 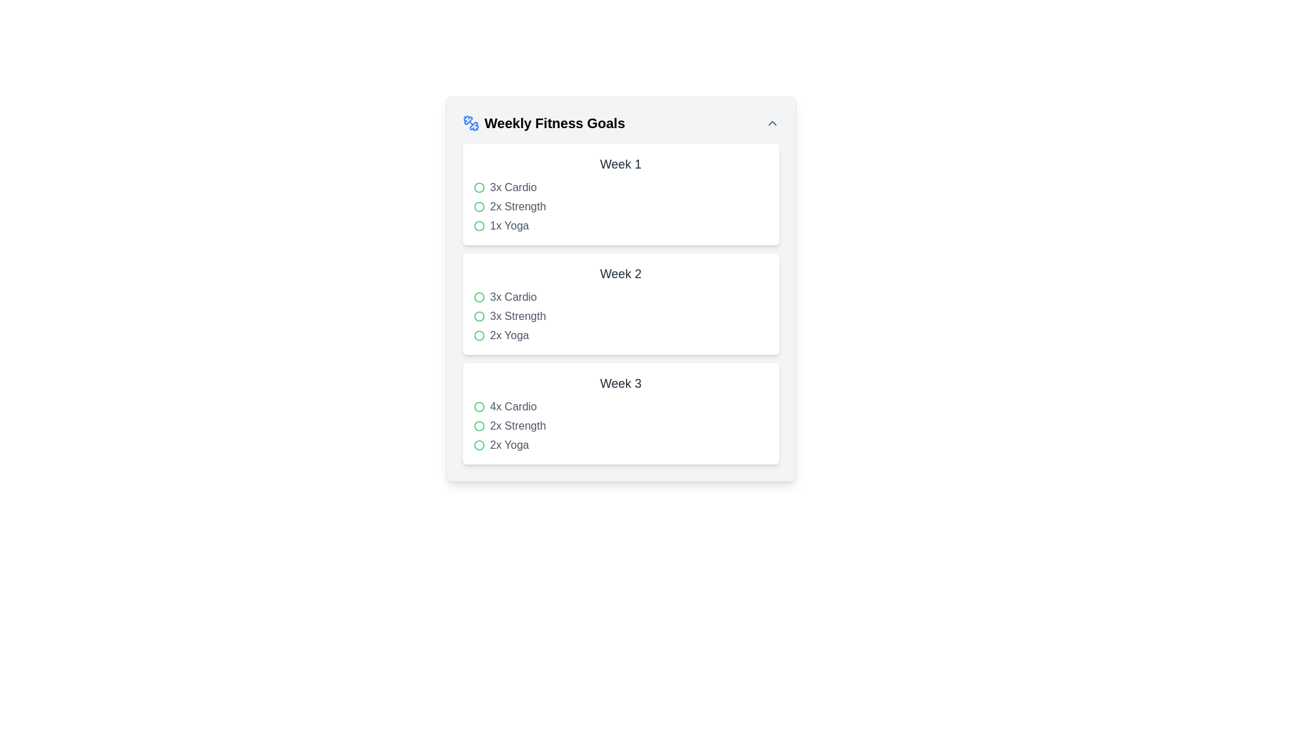 I want to click on the text label displaying '3x Cardio' in gray, which is positioned next to a green circular icon in the 'Weekly Fitness Goals' section of the 'Week 1' card, so click(x=512, y=187).